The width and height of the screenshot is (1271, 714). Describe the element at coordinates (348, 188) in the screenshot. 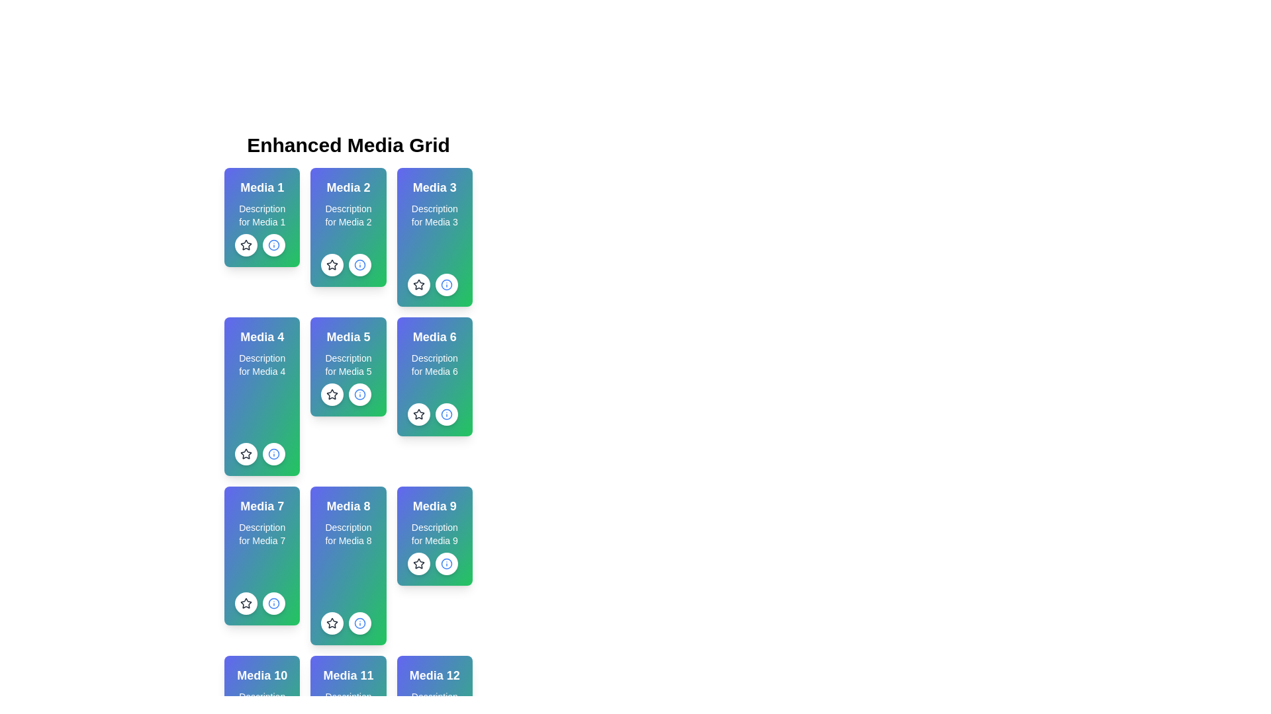

I see `the text label displaying 'Media 2' in bold, white font` at that location.